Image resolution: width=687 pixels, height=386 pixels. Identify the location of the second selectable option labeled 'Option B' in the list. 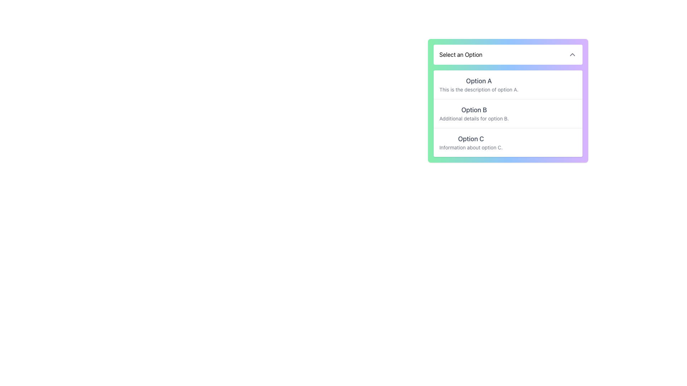
(508, 122).